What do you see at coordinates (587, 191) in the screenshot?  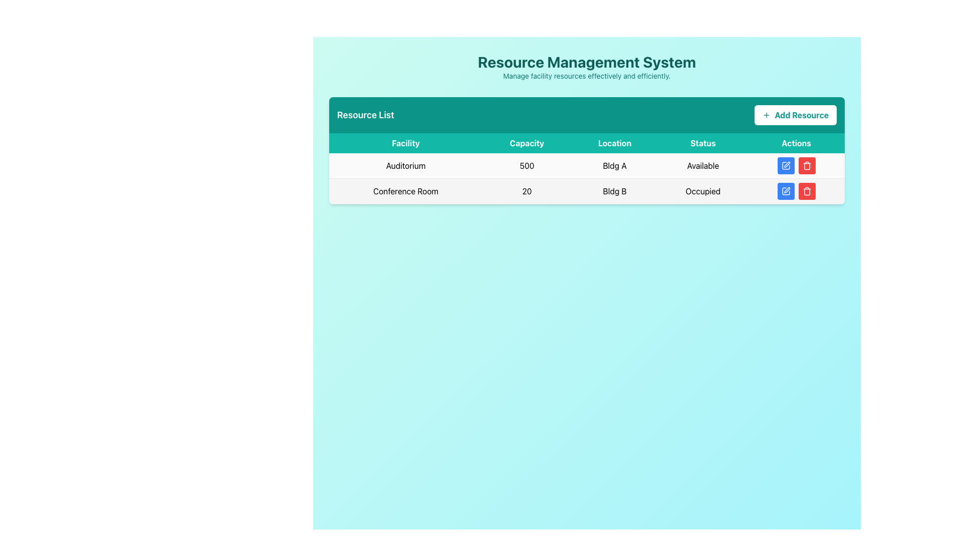 I see `the second row in the 'Resource List' table, which contains details for 'Conference Room', its capacity of '20', location 'Bldg B', and occupancy status 'Occupied'` at bounding box center [587, 191].